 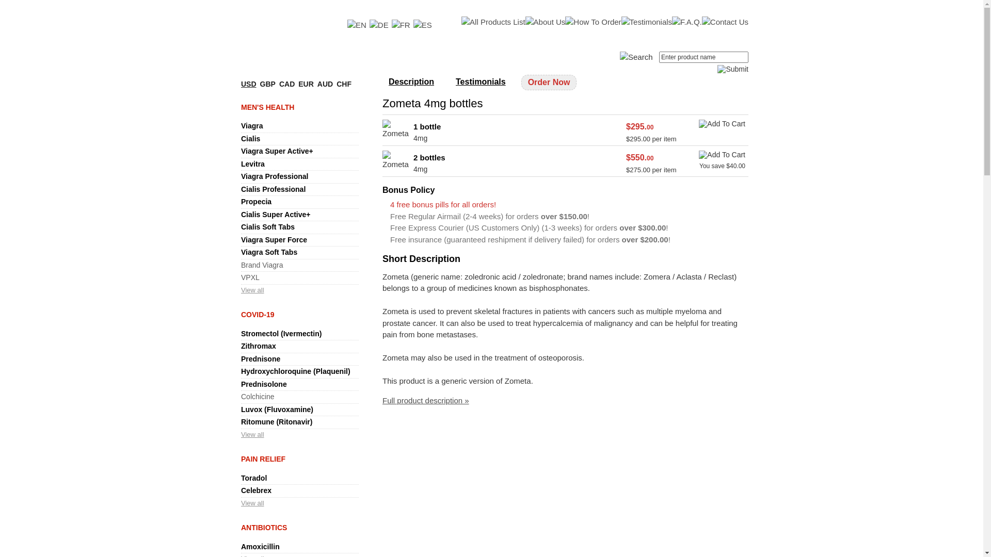 I want to click on 'COVID-19', so click(x=258, y=314).